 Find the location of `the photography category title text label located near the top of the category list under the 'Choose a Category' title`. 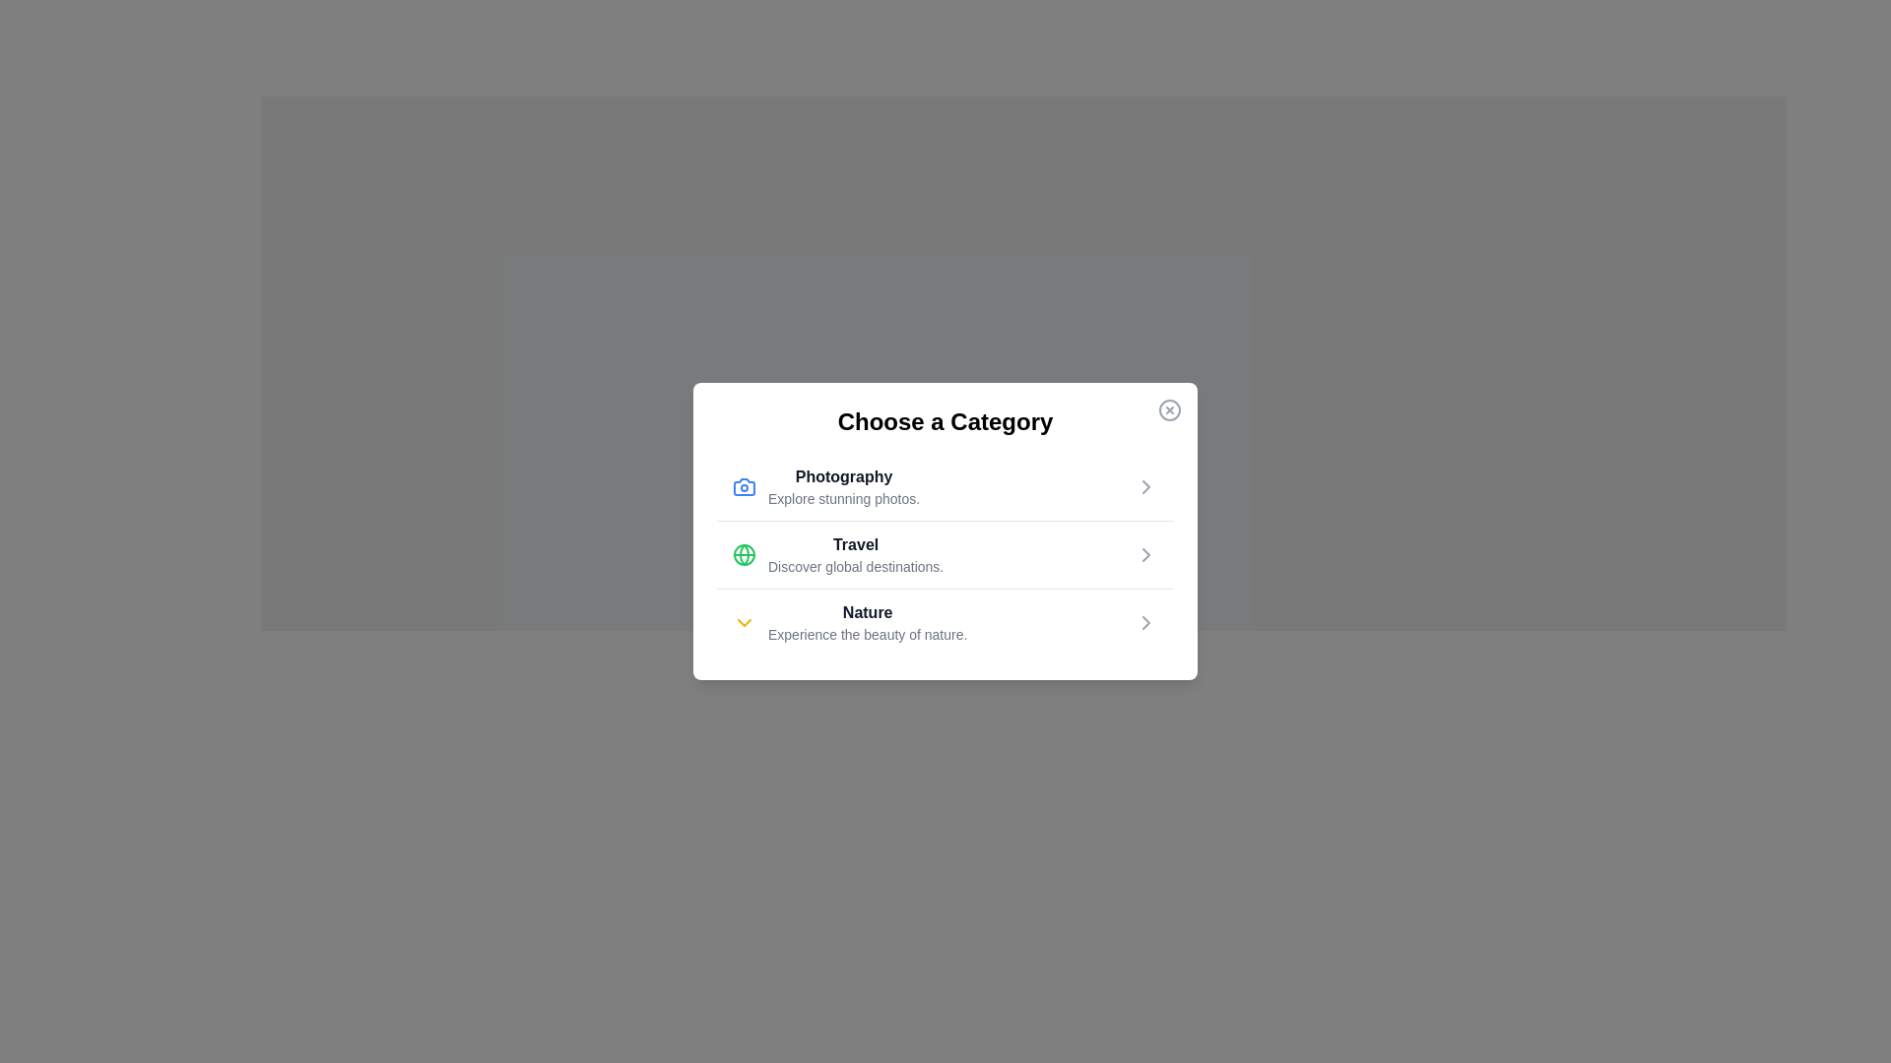

the photography category title text label located near the top of the category list under the 'Choose a Category' title is located at coordinates (844, 477).